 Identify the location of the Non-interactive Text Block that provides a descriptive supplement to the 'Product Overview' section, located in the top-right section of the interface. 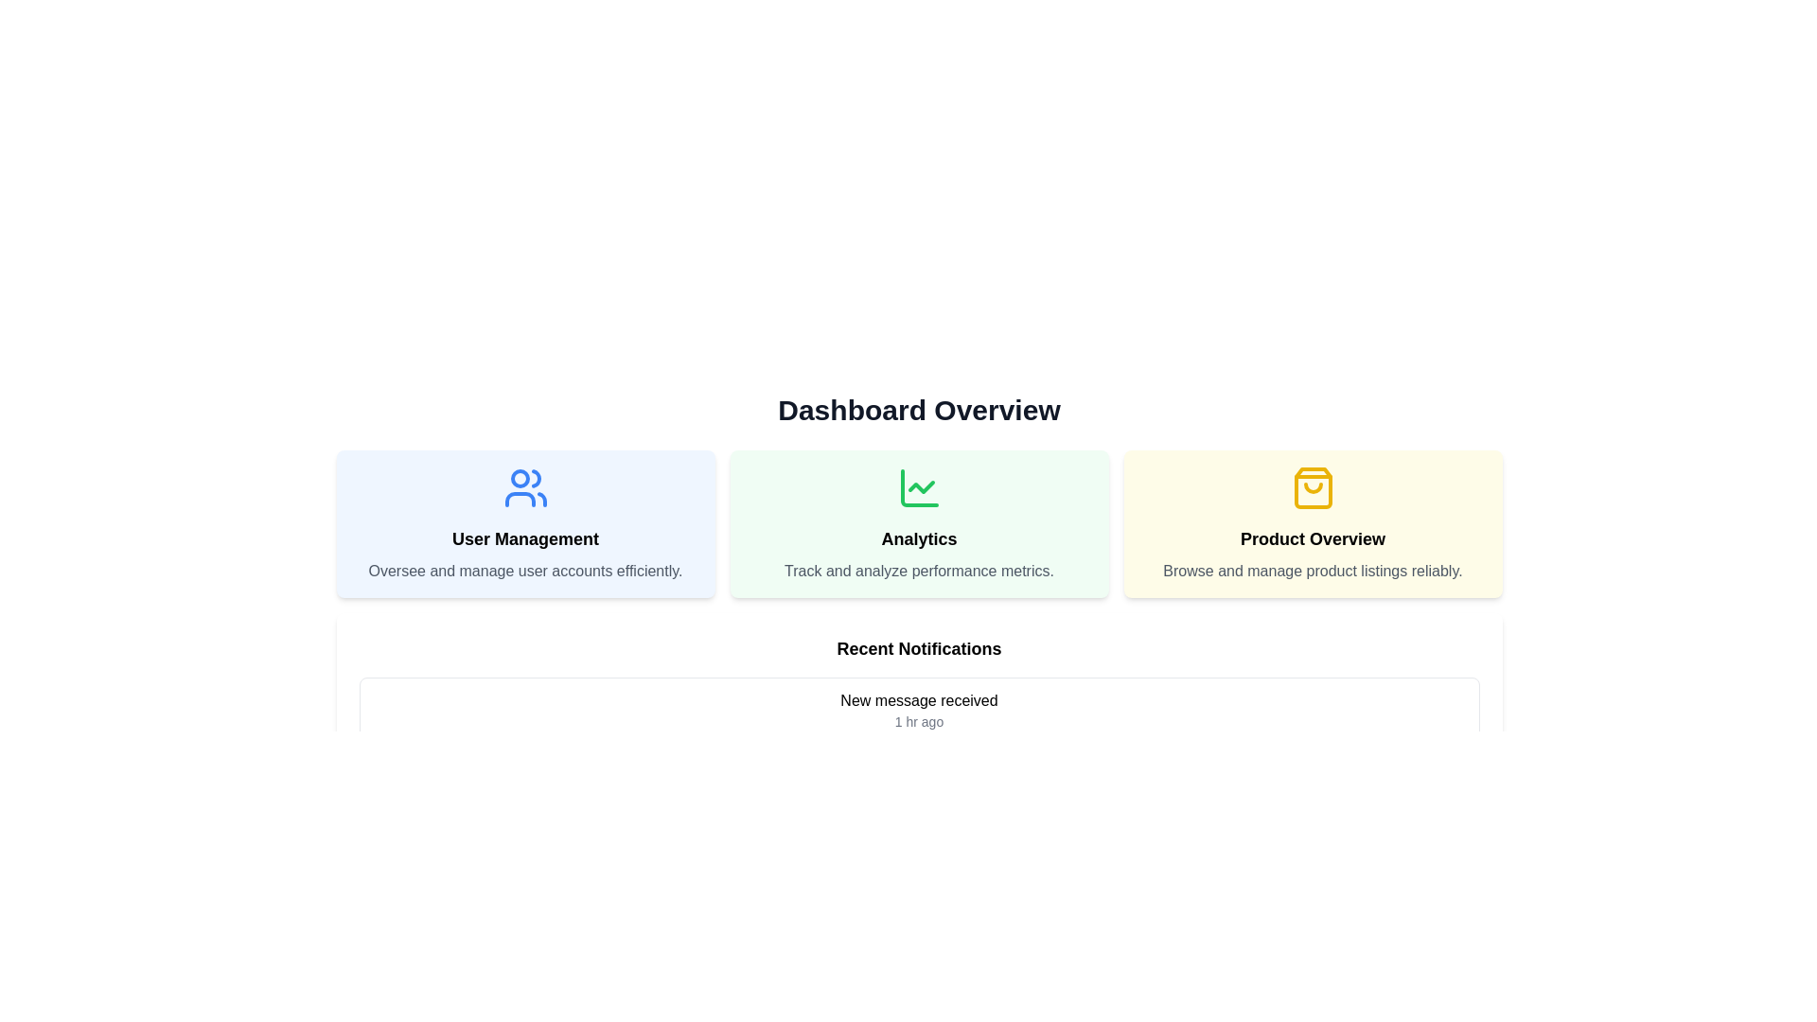
(1312, 571).